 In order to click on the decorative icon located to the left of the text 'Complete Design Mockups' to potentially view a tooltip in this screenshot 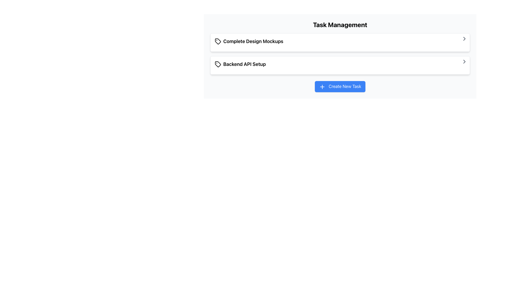, I will do `click(218, 41)`.